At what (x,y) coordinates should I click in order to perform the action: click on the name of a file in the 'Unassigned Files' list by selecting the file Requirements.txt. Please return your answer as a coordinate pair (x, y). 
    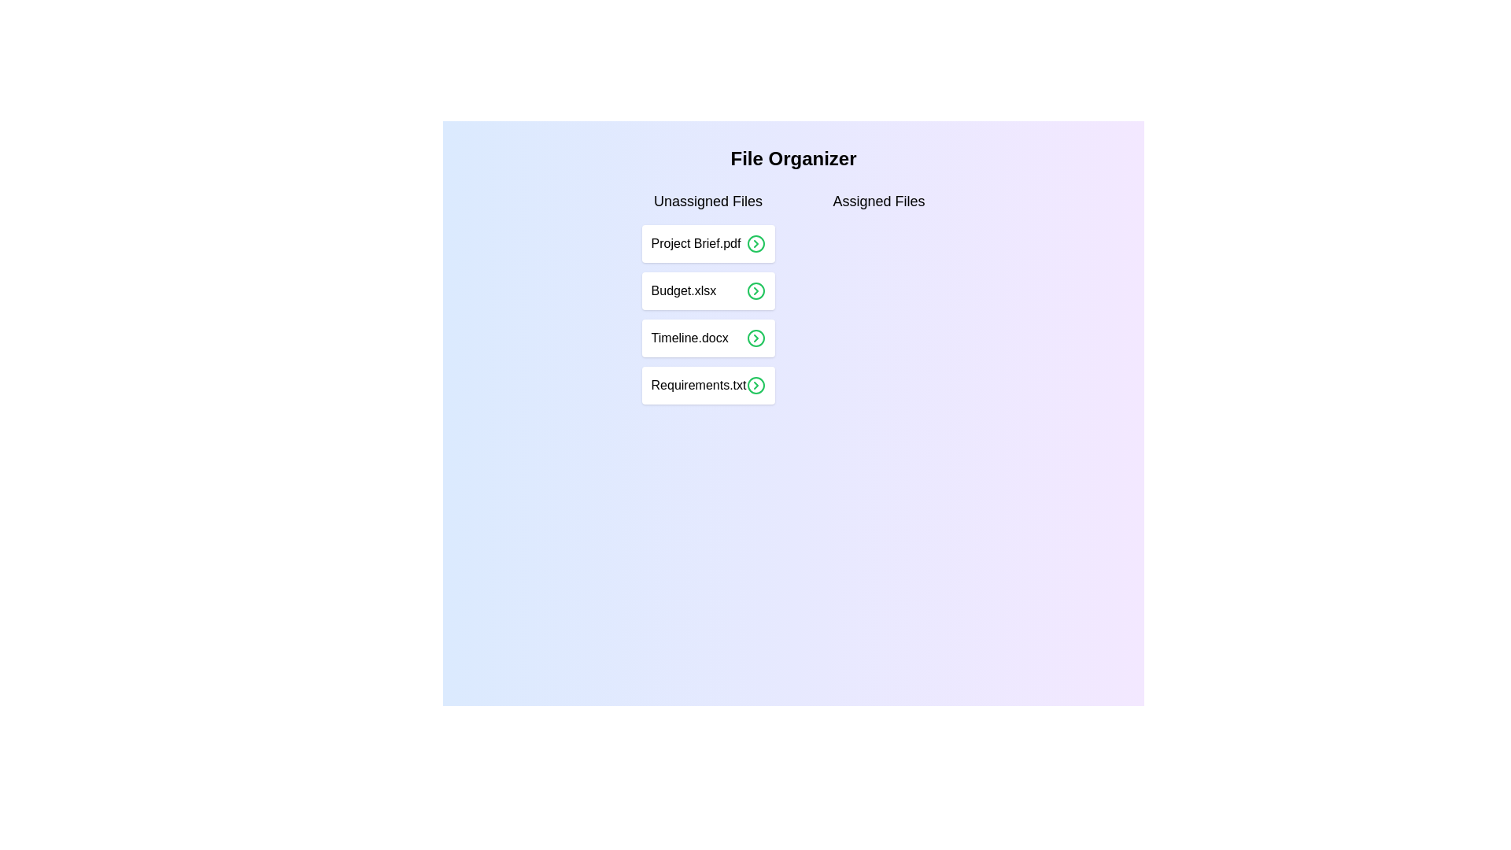
    Looking at the image, I should click on (707, 385).